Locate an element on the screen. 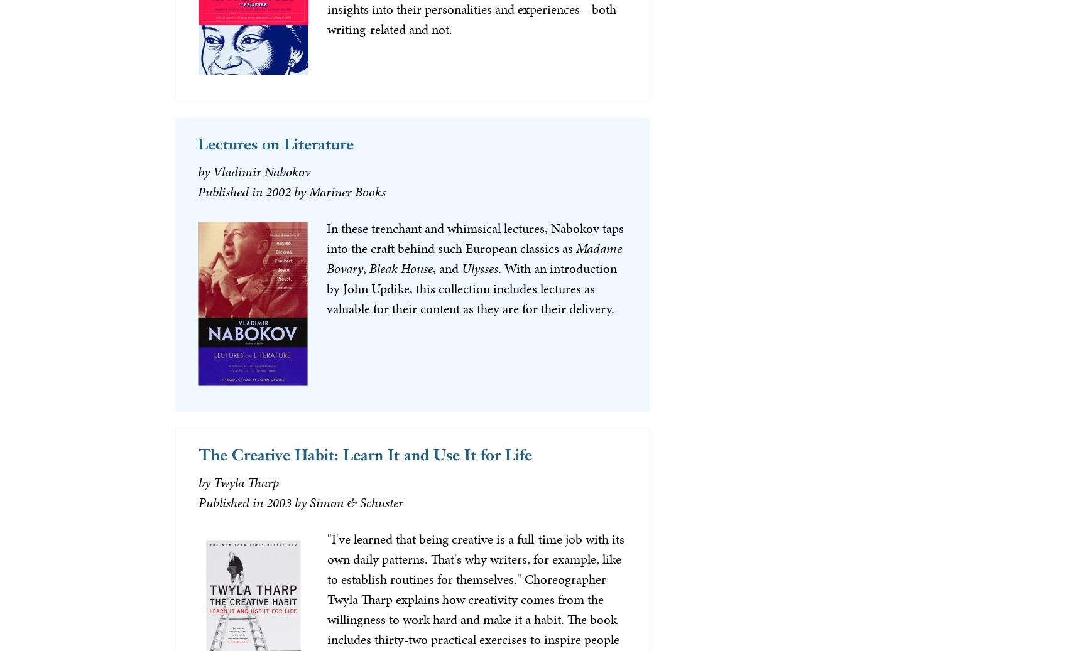 This screenshot has width=1068, height=651. 'by Mariner Books' is located at coordinates (338, 190).